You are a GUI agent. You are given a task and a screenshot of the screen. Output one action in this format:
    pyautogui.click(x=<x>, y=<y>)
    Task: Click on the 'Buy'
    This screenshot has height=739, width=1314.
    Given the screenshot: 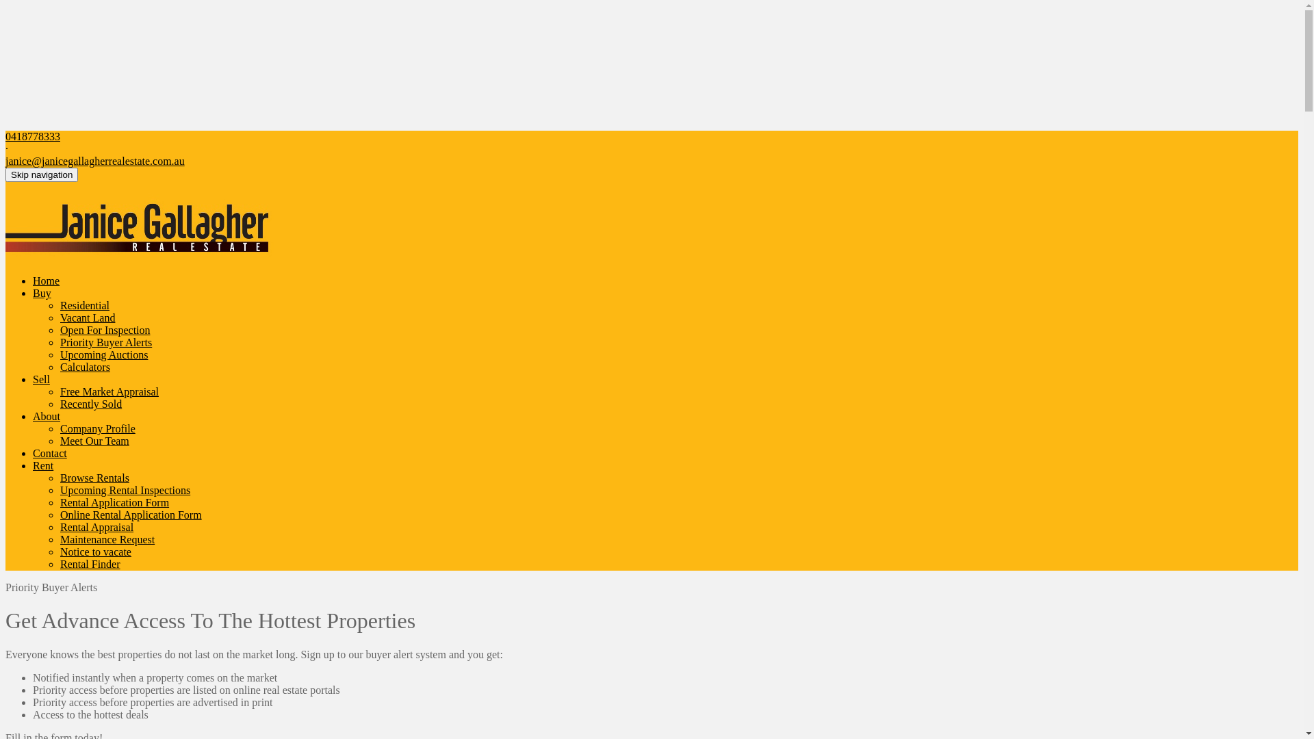 What is the action you would take?
    pyautogui.click(x=33, y=292)
    